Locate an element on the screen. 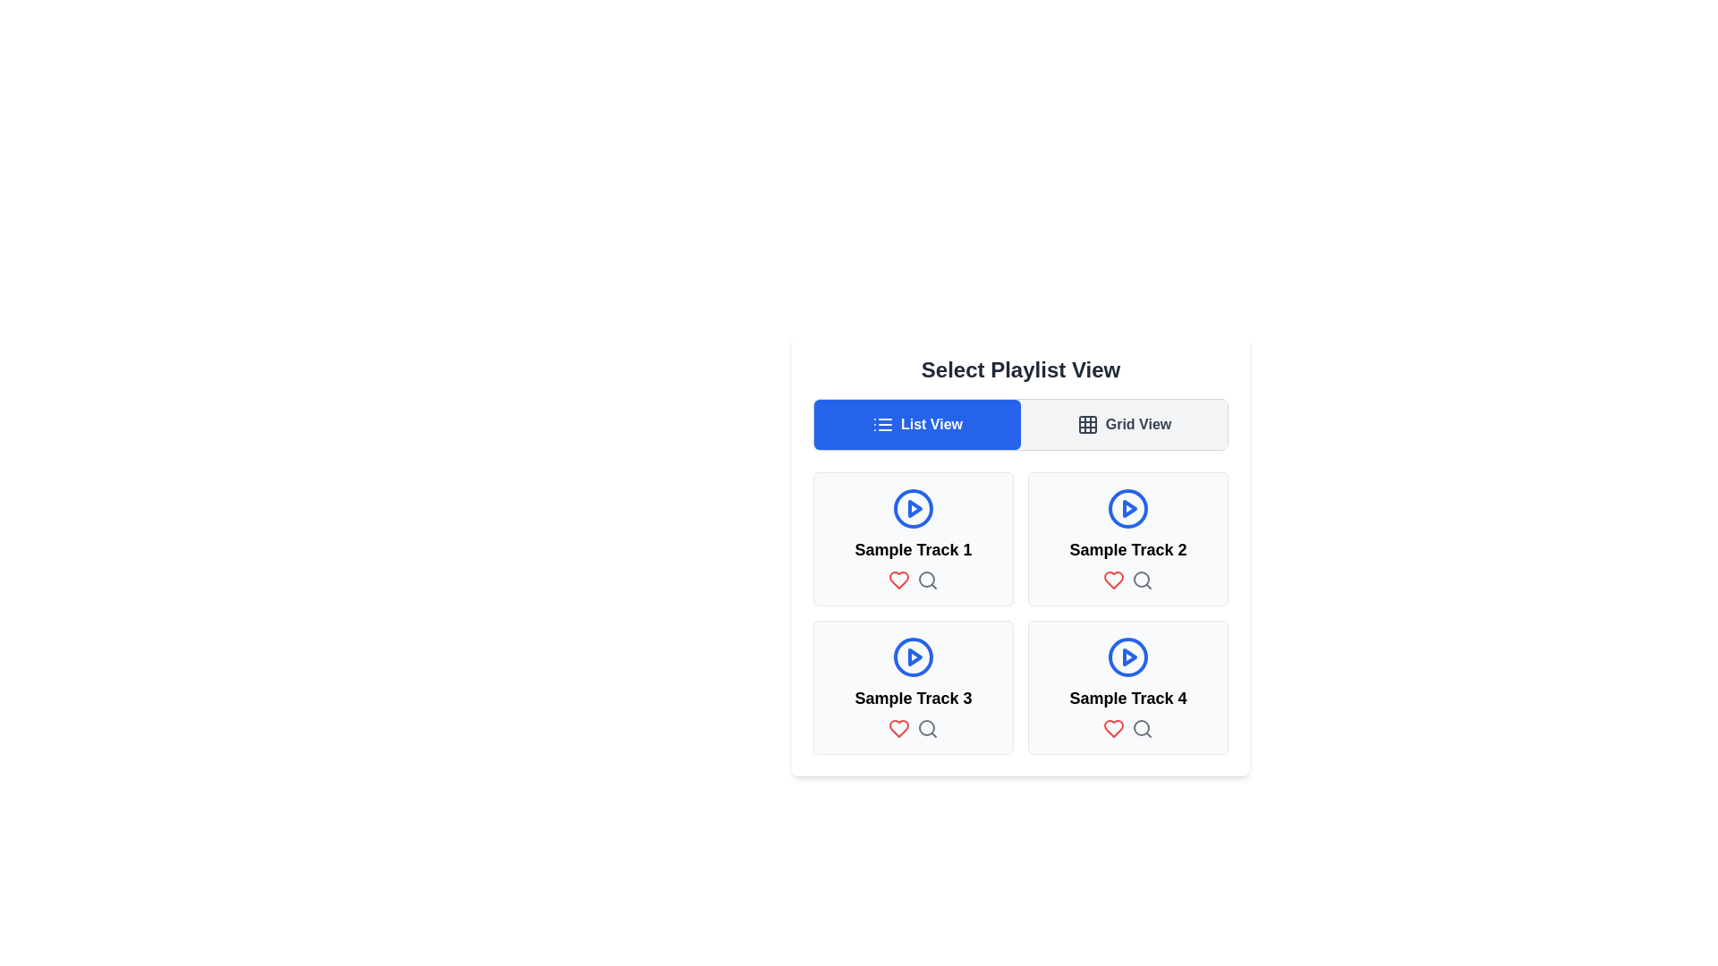 This screenshot has height=966, width=1718. the 'Grid View' text label, which is bold and located in the top-right area of the control panel for selecting the view layout is located at coordinates (1137, 424).